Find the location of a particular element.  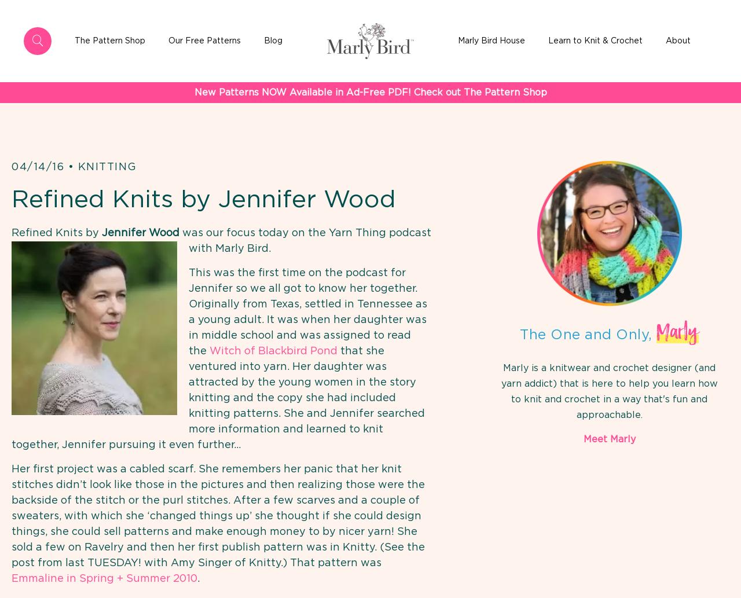

'Marly' is located at coordinates (677, 332).